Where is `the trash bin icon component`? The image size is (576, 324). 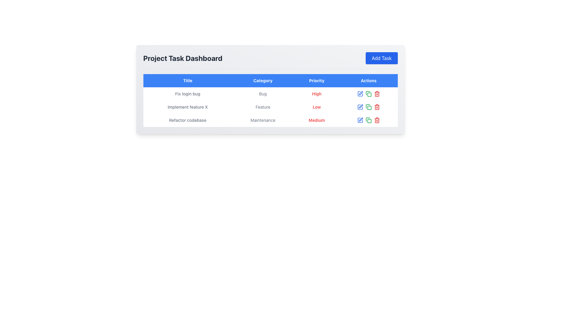
the trash bin icon component is located at coordinates (377, 94).